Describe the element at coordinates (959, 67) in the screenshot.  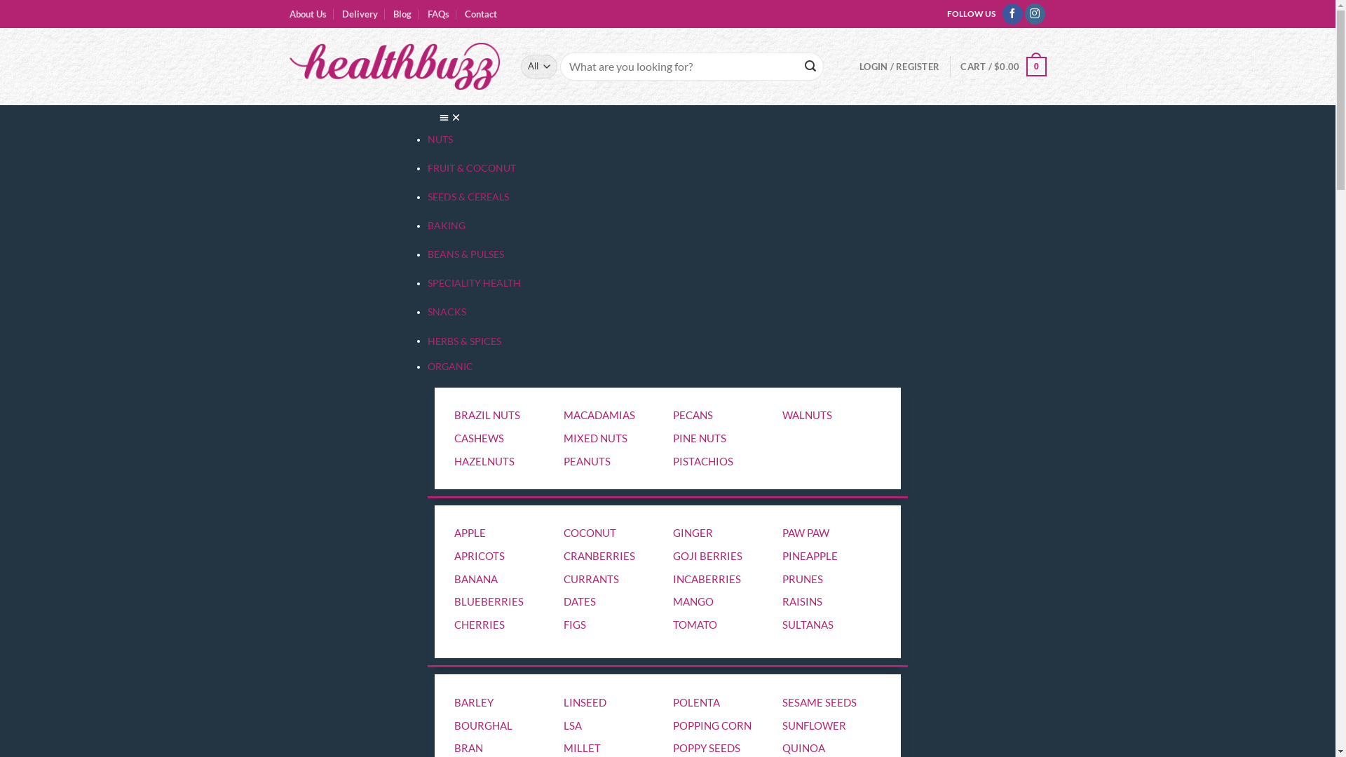
I see `'CART / $0.00` at that location.